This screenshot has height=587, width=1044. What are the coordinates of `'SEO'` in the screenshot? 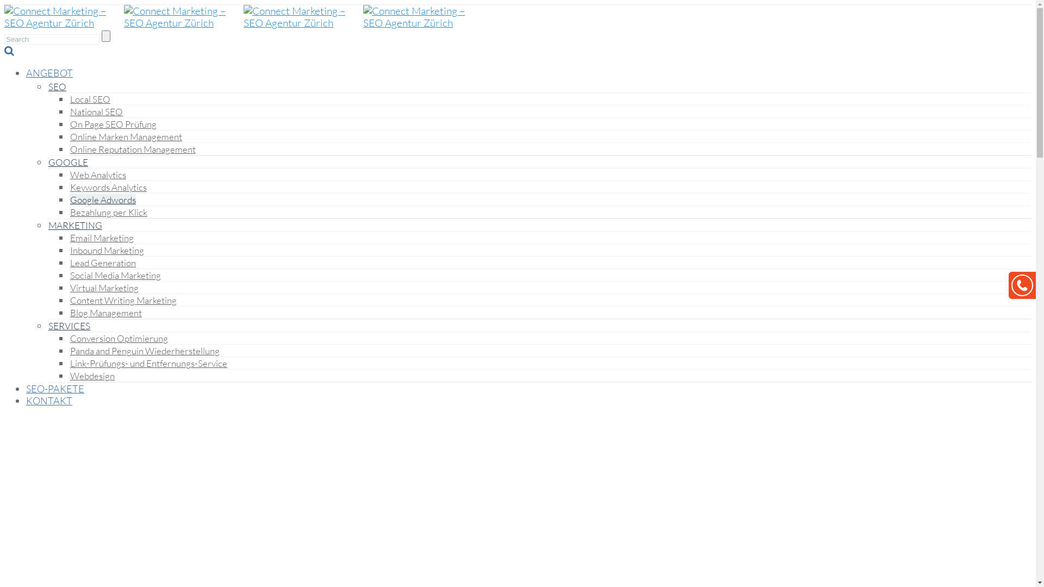 It's located at (47, 86).